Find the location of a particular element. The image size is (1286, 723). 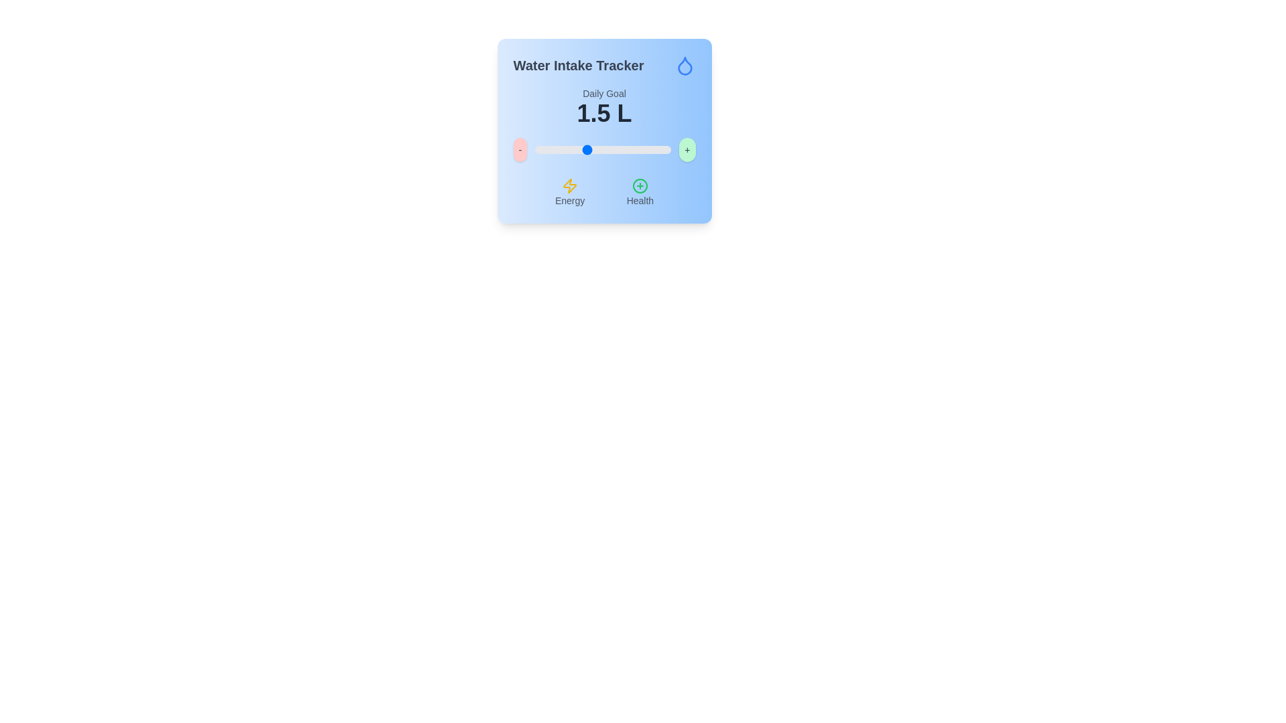

the slider value is located at coordinates (569, 149).